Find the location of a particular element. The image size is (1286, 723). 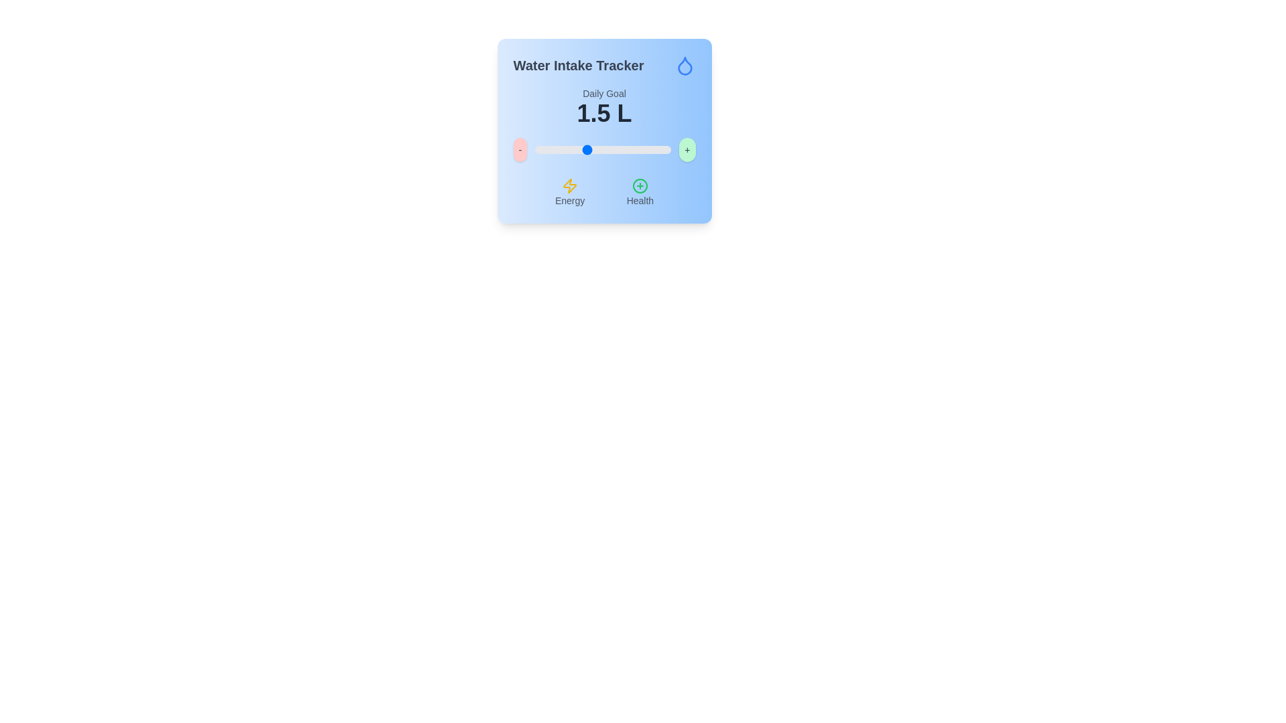

the slider value is located at coordinates (569, 149).